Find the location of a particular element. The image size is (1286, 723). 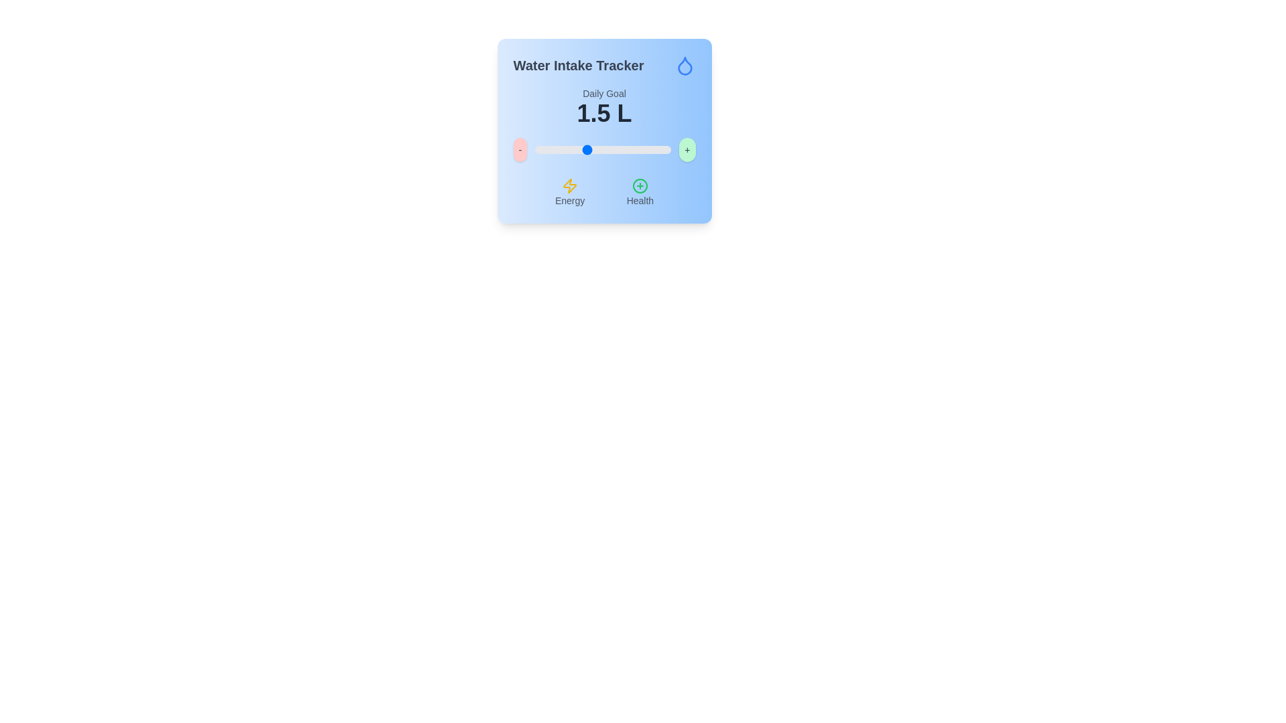

the slider value is located at coordinates (569, 149).